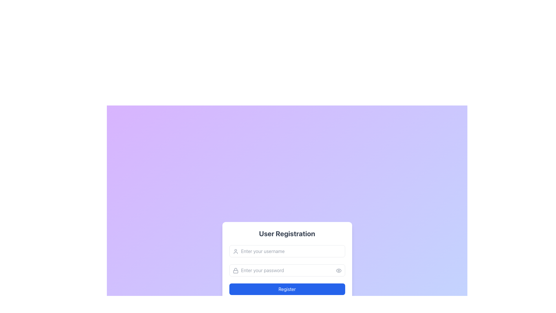 This screenshot has height=313, width=556. Describe the element at coordinates (235, 270) in the screenshot. I see `the lock icon, which is an SVG-based outline style icon located inside the password input field on the left side, serving as a security visual cue` at that location.